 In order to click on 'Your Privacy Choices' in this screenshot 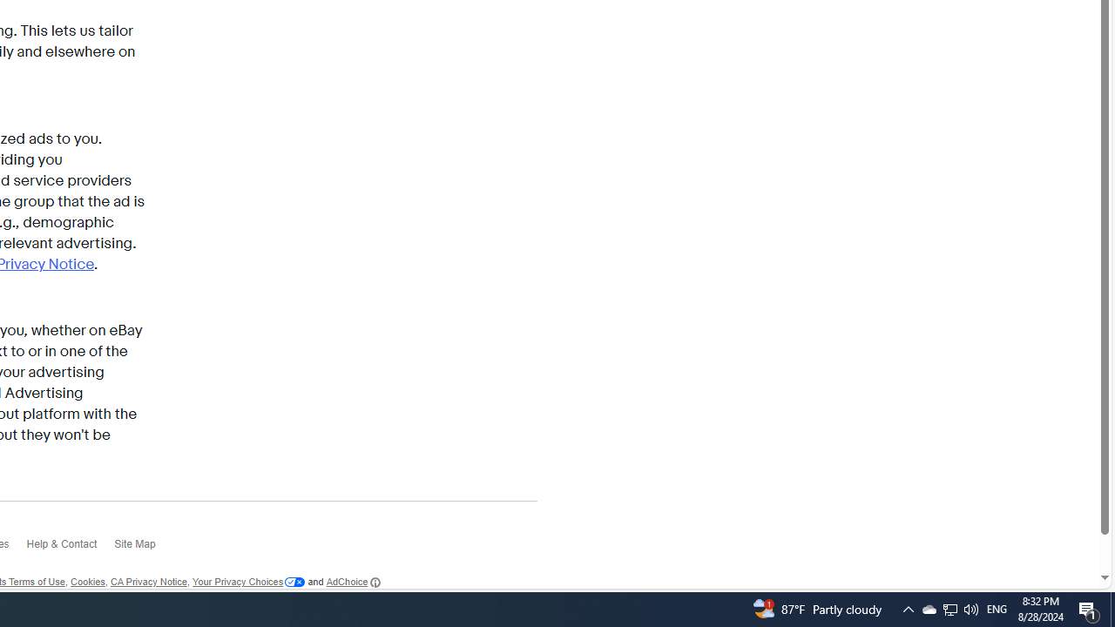, I will do `click(248, 583)`.